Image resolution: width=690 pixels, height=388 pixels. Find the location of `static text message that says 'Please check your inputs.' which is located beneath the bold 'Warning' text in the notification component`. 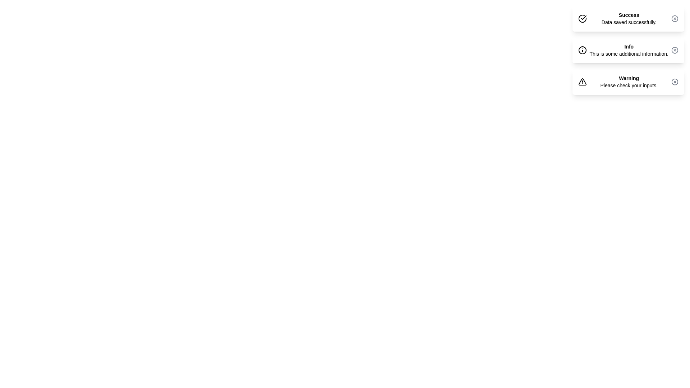

static text message that says 'Please check your inputs.' which is located beneath the bold 'Warning' text in the notification component is located at coordinates (629, 85).